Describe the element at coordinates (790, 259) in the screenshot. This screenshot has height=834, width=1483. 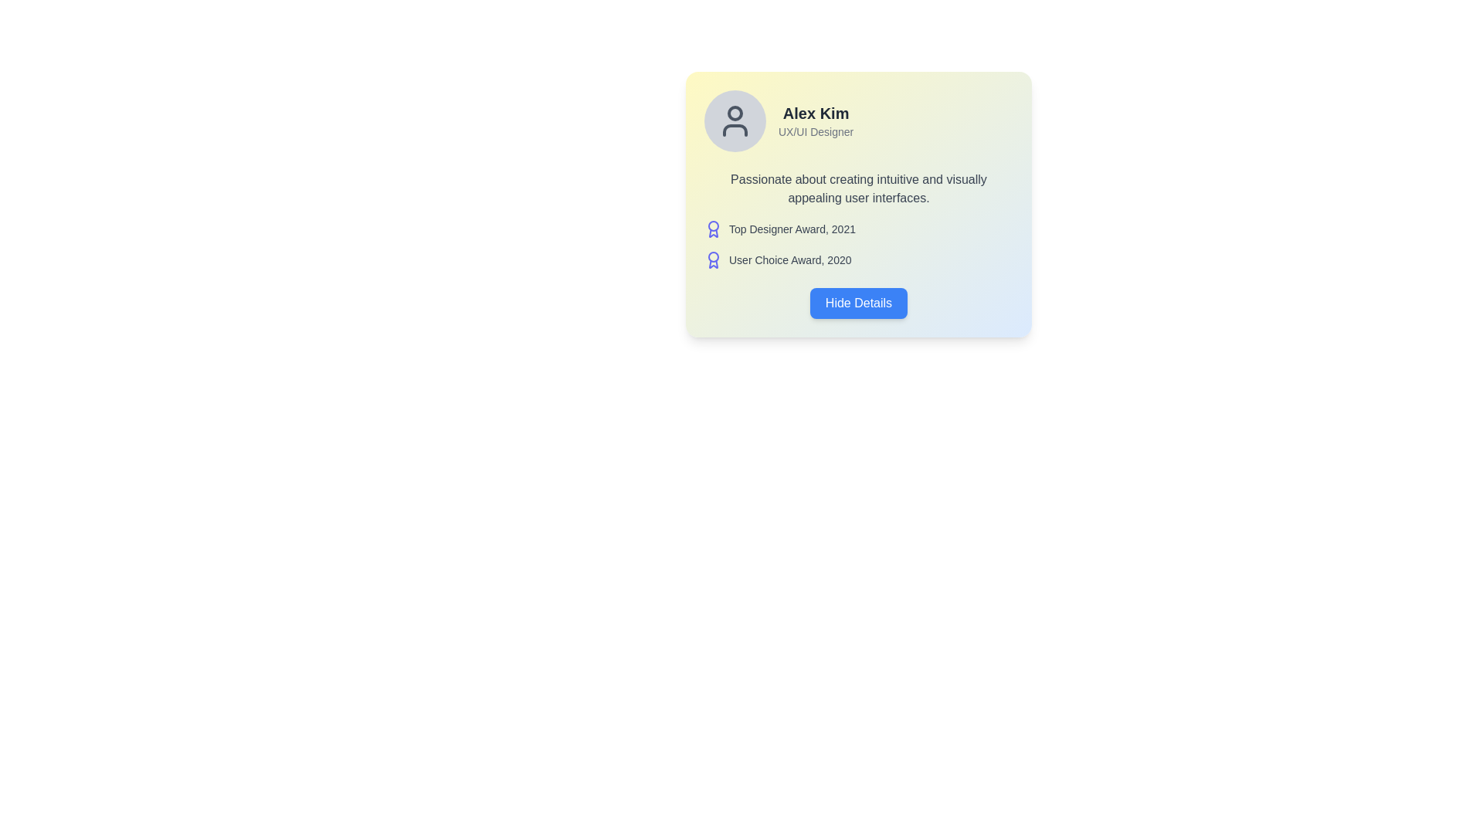
I see `text label displaying 'User Choice Award, 2020' which is styled simply in gray font, positioned below 'Top Designer Award, 2021' and above the 'Hide Details' button` at that location.